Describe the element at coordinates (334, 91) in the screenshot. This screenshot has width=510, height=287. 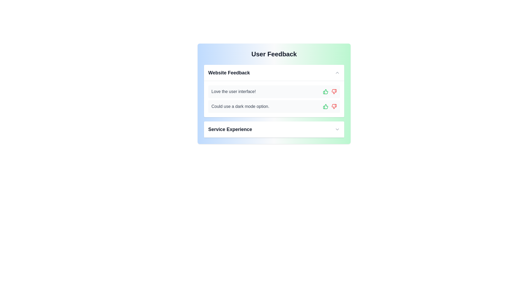
I see `the thumbs-down button for the comment 'Love the user interface!'` at that location.